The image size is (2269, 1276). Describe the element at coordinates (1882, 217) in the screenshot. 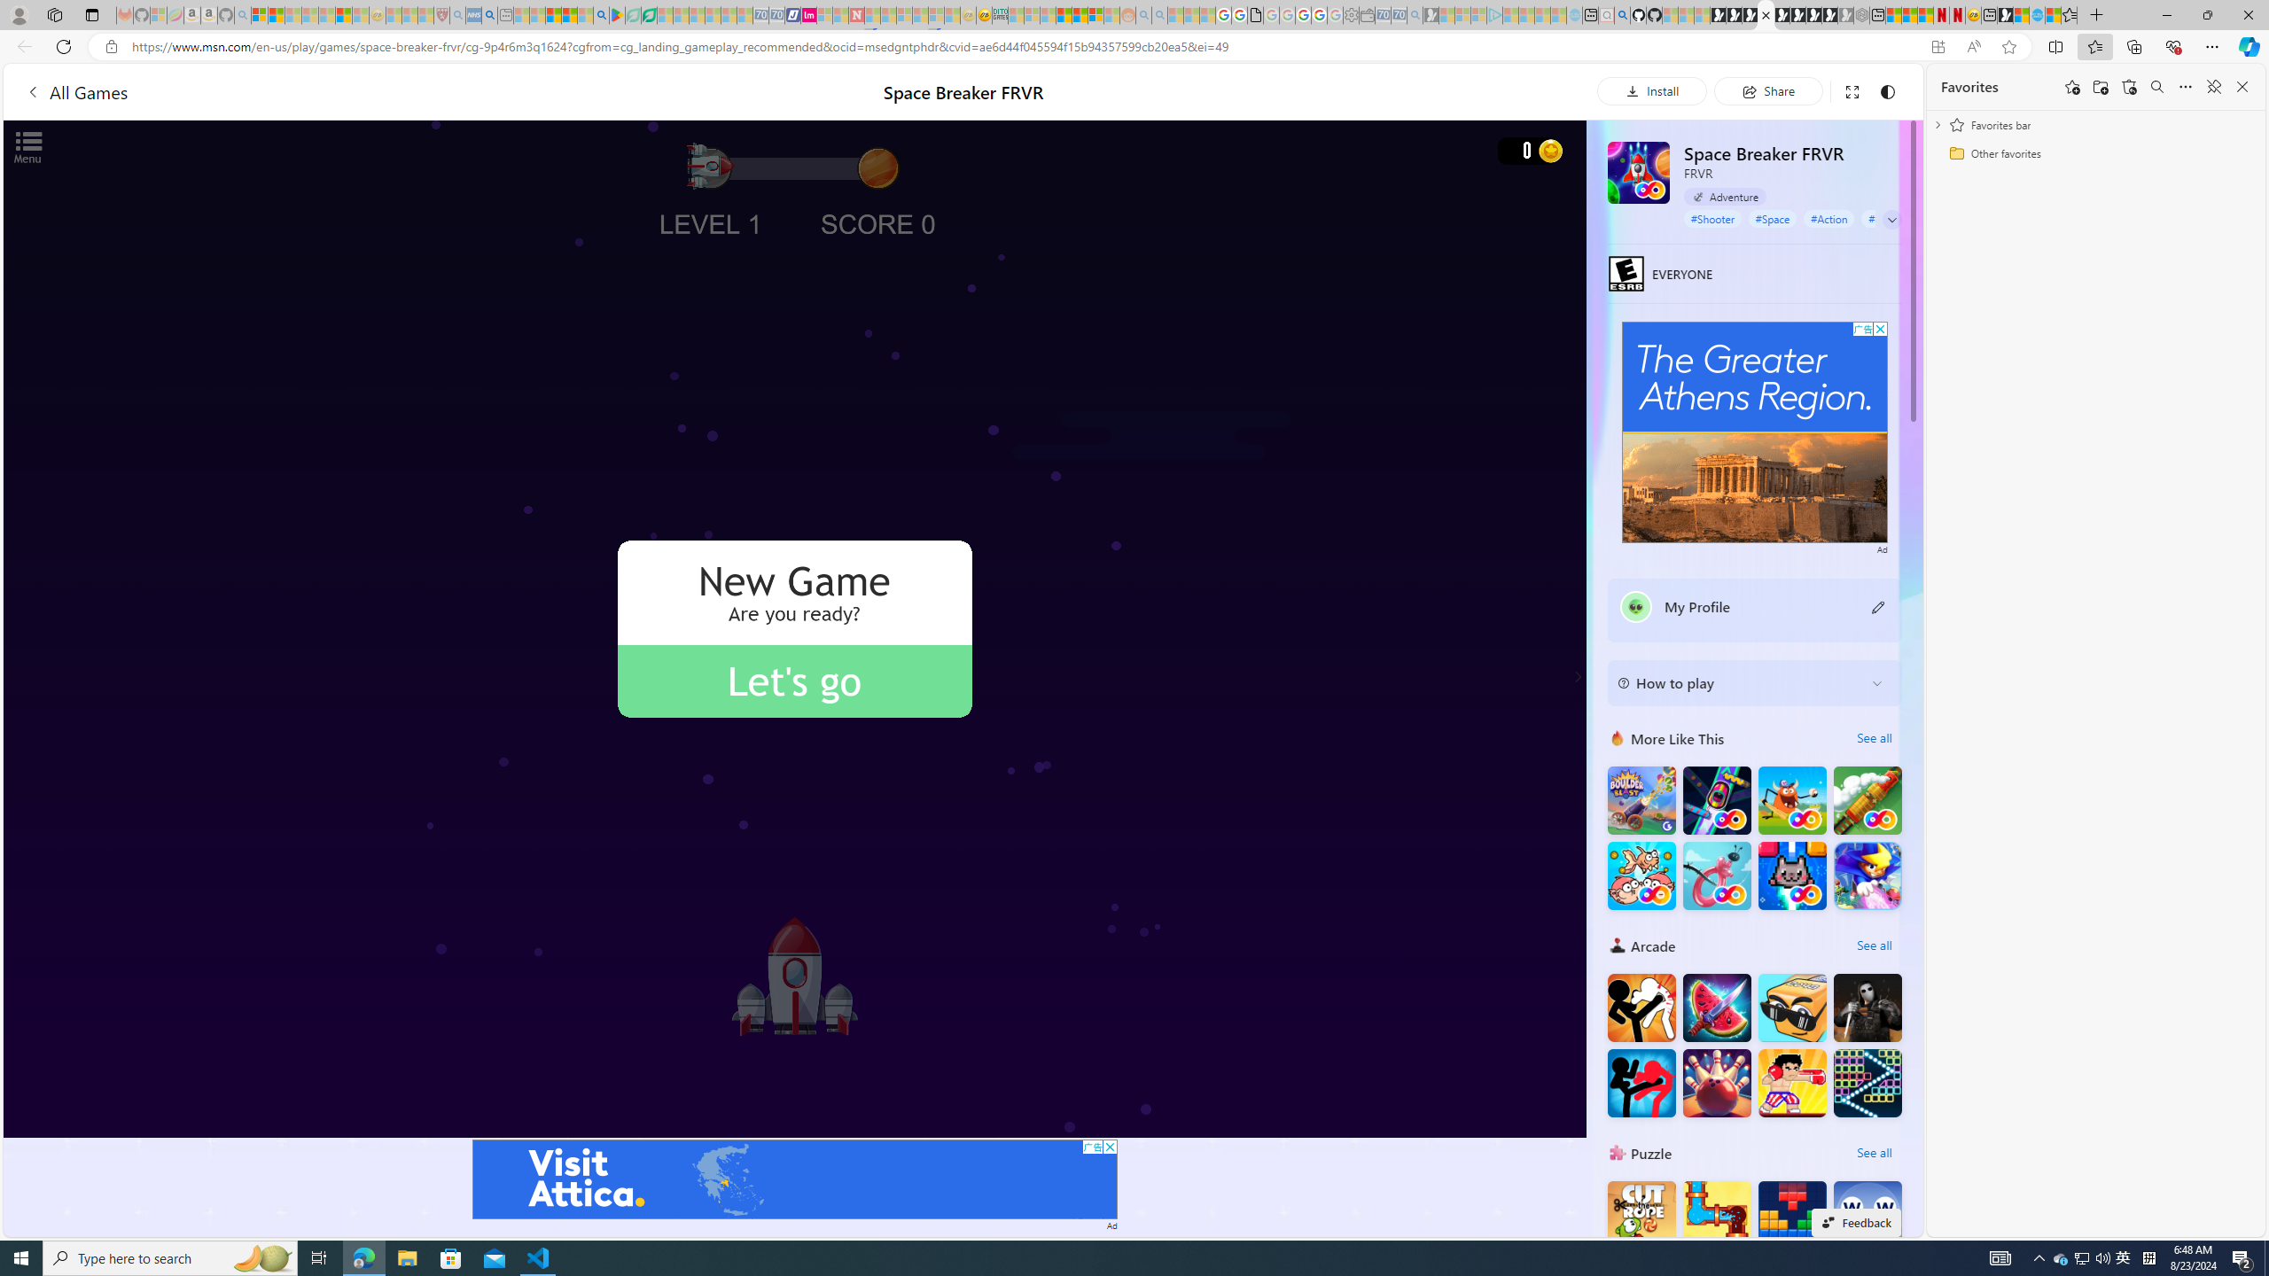

I see `'#Sci Fi'` at that location.